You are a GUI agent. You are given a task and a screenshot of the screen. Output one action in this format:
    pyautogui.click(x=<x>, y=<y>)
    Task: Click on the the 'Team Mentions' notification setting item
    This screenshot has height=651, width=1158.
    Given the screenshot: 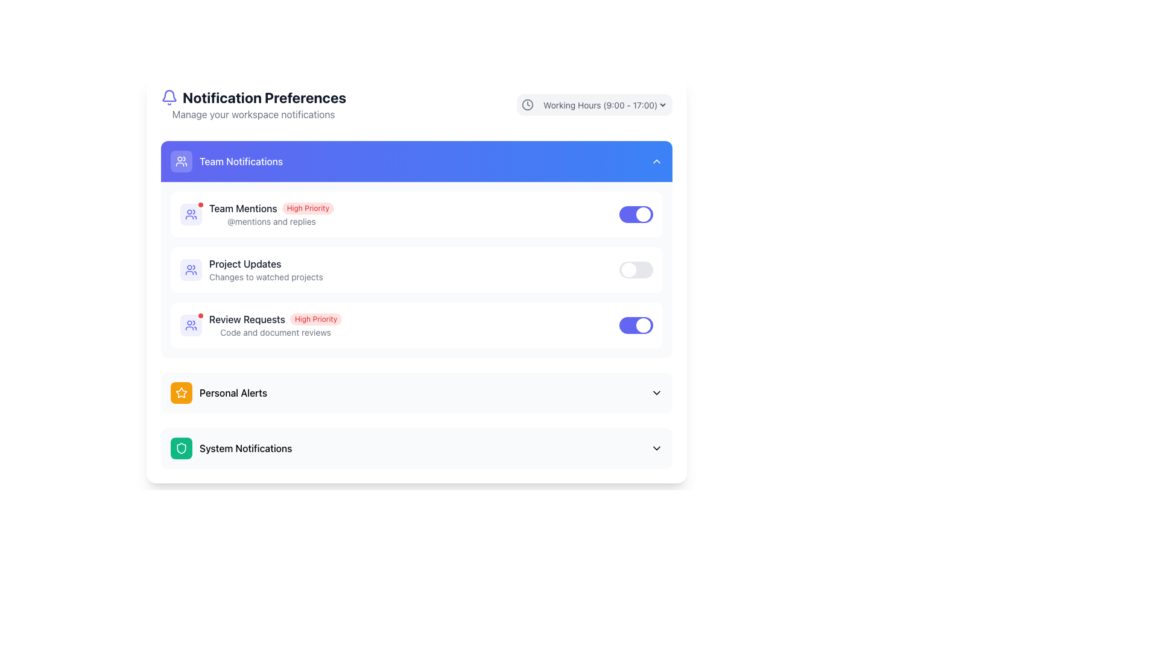 What is the action you would take?
    pyautogui.click(x=256, y=213)
    